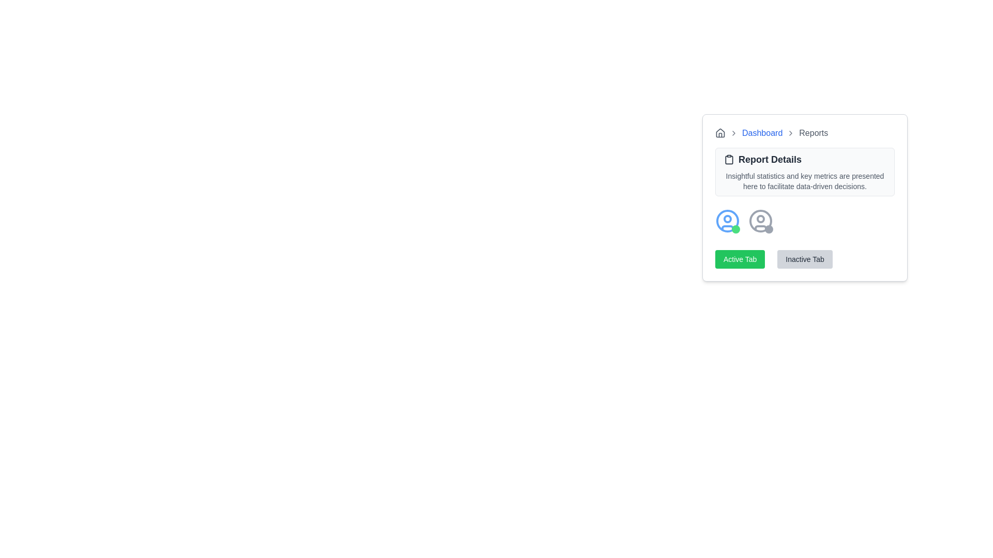  I want to click on the 'Dashboard' hyperlink, which is styled in bold blue text and is the second item in the breadcrumb navigation, so click(762, 133).